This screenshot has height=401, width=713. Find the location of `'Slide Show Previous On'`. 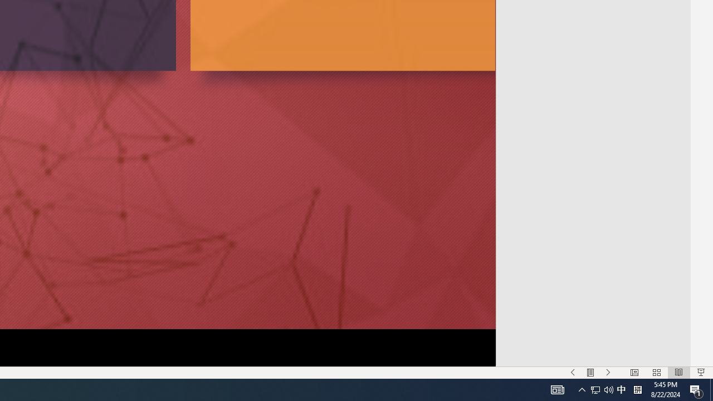

'Slide Show Previous On' is located at coordinates (573, 373).